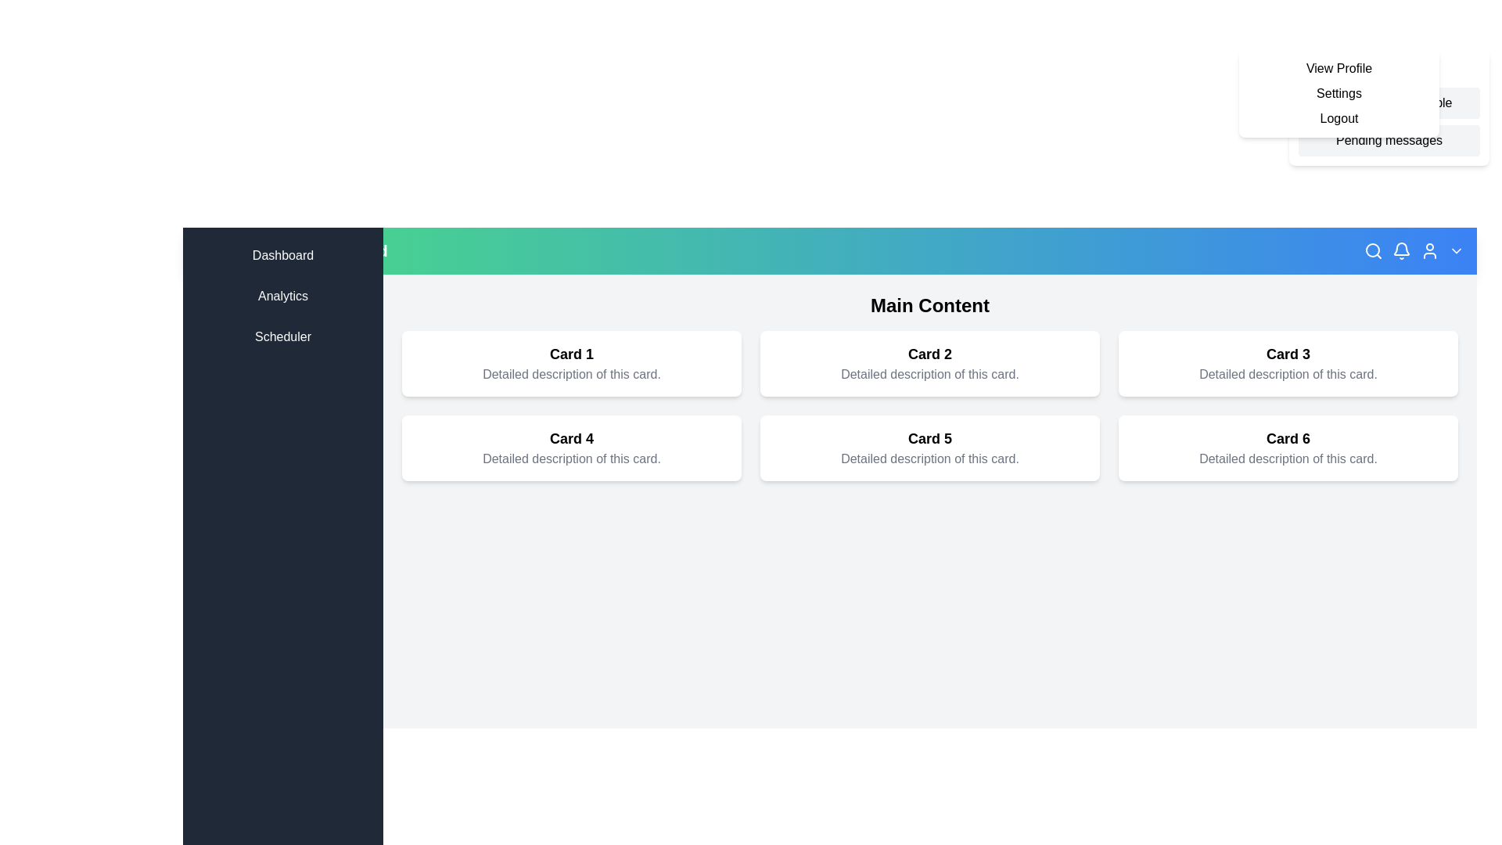 Image resolution: width=1502 pixels, height=845 pixels. What do you see at coordinates (1372, 250) in the screenshot?
I see `the circular graphical element resembling a magnifying glass lens located in the top-right corner of the interface` at bounding box center [1372, 250].